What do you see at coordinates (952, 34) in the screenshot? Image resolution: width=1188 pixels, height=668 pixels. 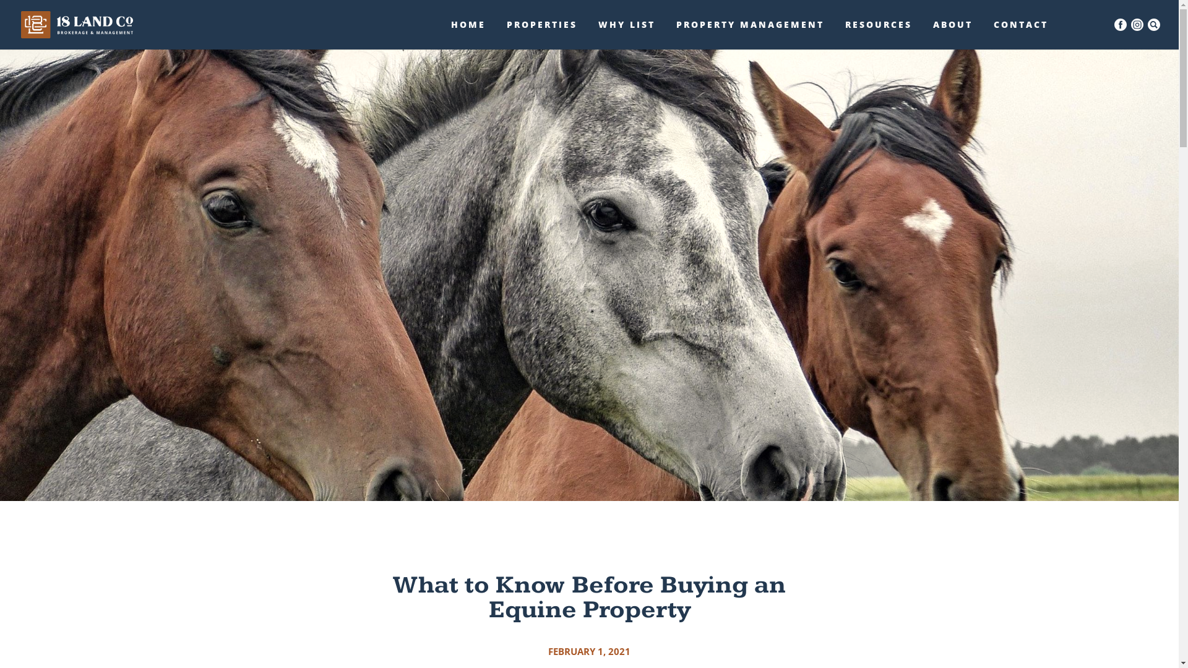 I see `'ABOUT'` at bounding box center [952, 34].